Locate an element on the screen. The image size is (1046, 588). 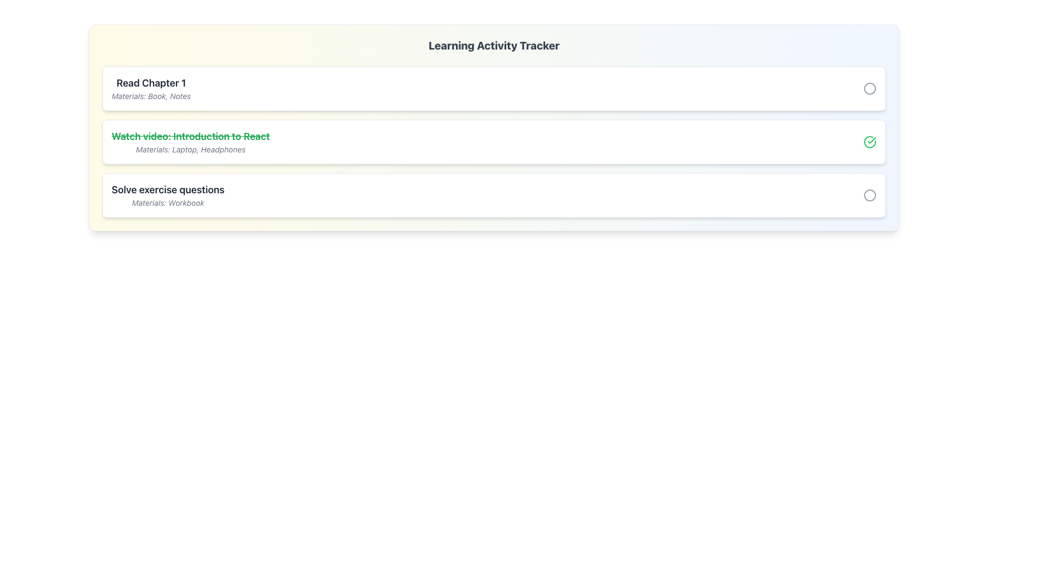
the italicized text label that says 'Materials: Workbook', which is positioned directly underneath the header 'Solve exercise questions' in the third row of the list is located at coordinates (167, 203).